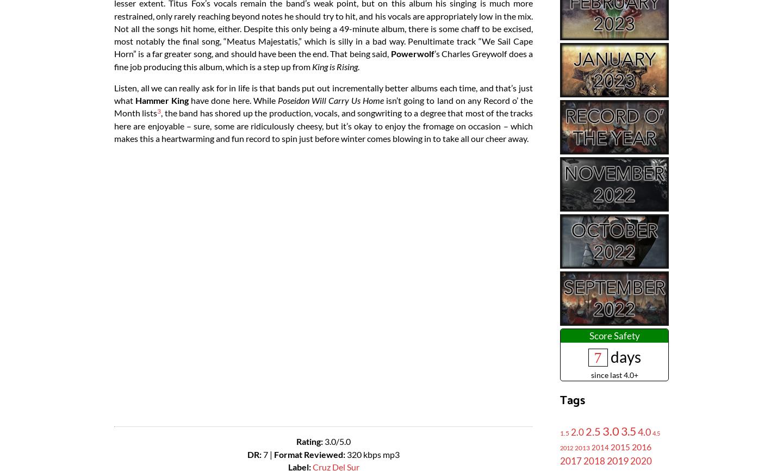 The width and height of the screenshot is (783, 471). I want to click on '1.5', so click(564, 432).